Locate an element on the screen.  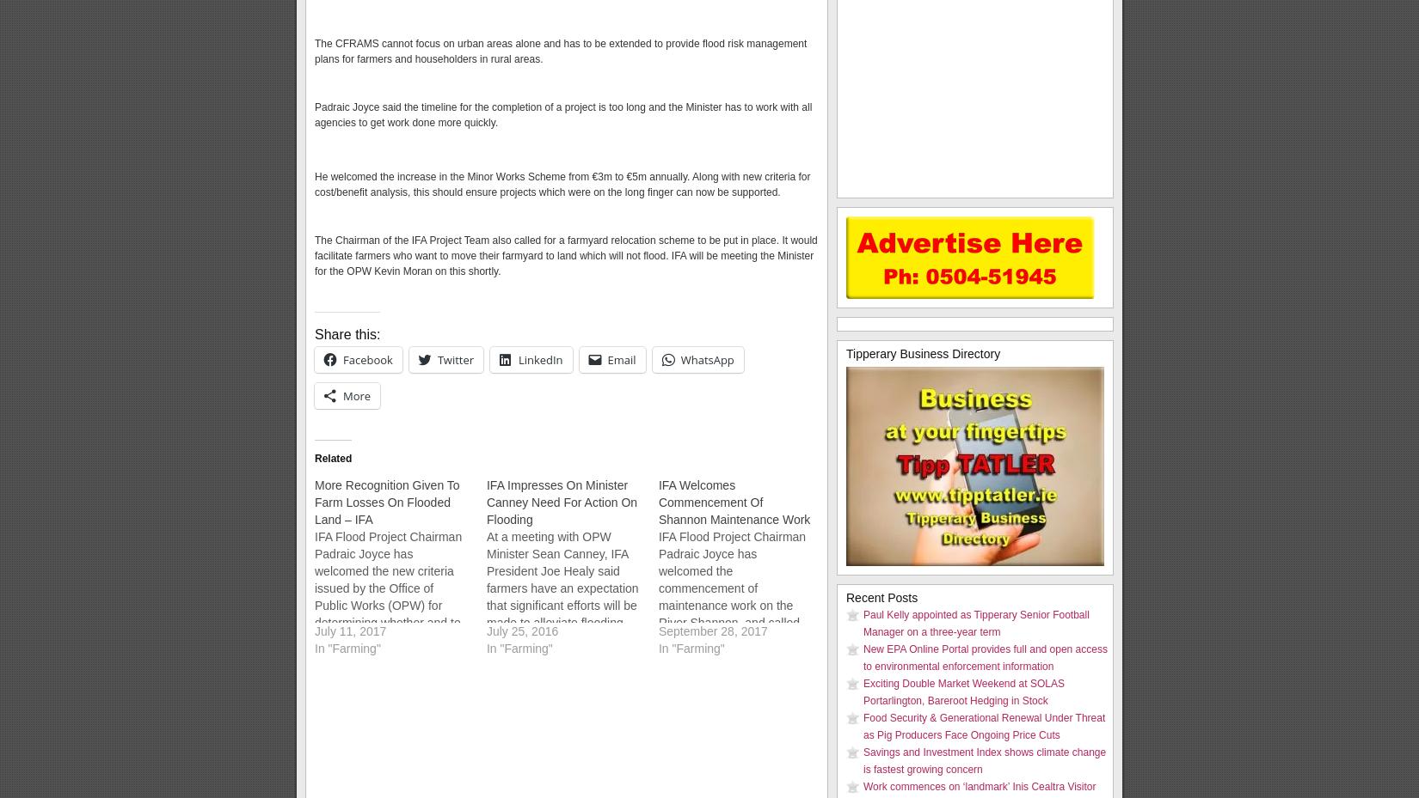
'Share this:' is located at coordinates (314, 333).